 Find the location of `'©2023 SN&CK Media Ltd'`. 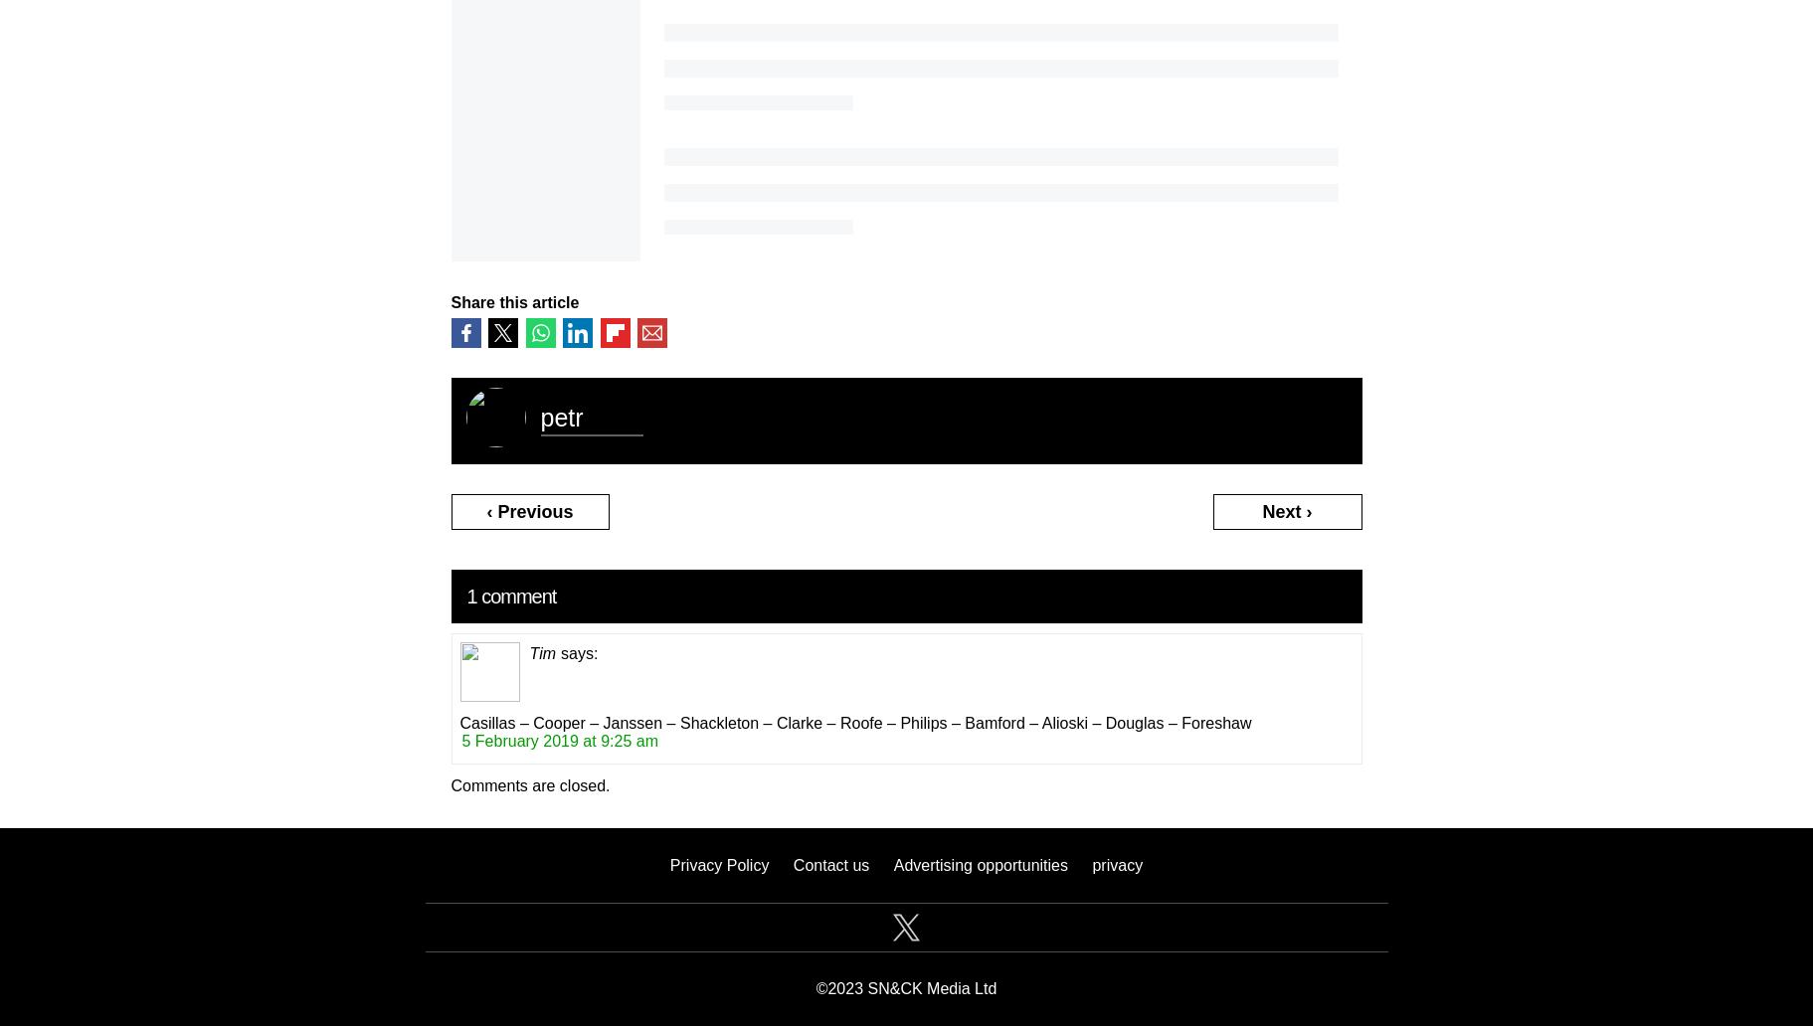

'©2023 SN&CK Media Ltd' is located at coordinates (904, 986).